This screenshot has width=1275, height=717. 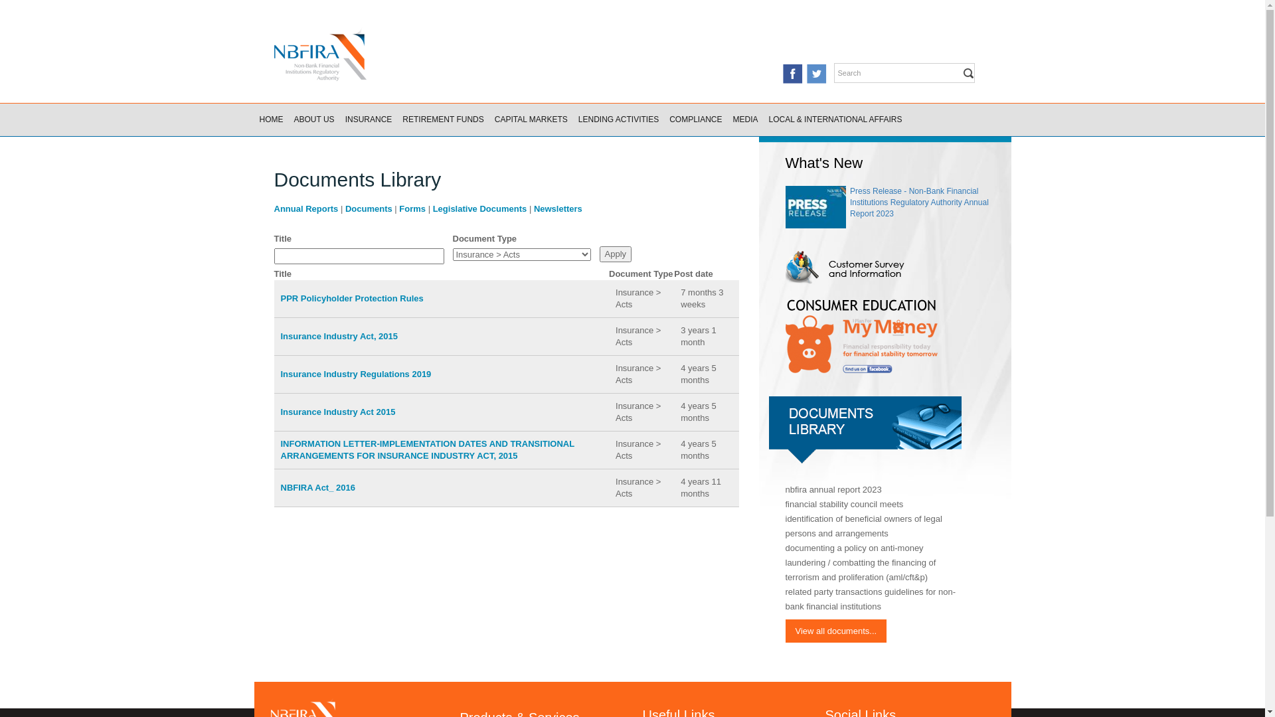 I want to click on 'CAPITAL MARKETS', so click(x=531, y=119).